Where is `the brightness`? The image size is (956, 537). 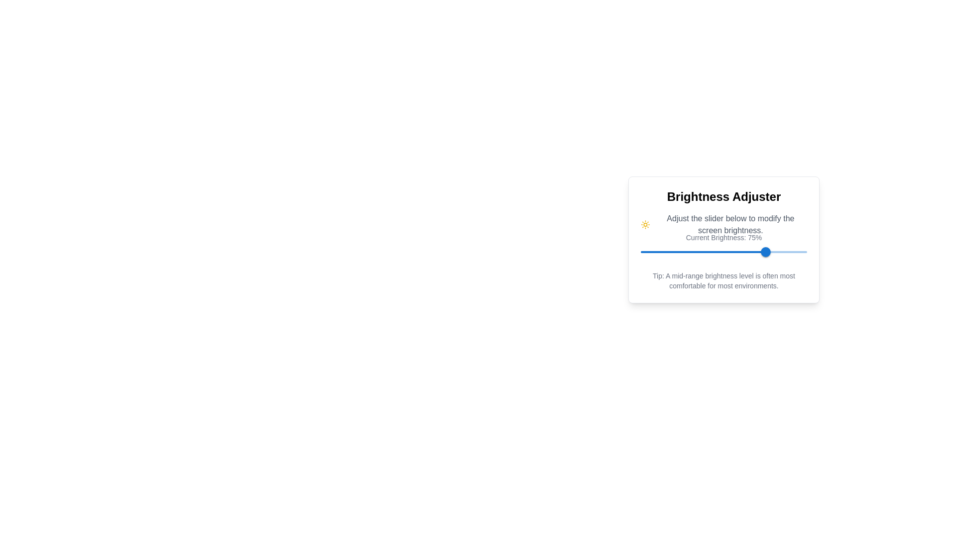 the brightness is located at coordinates (720, 251).